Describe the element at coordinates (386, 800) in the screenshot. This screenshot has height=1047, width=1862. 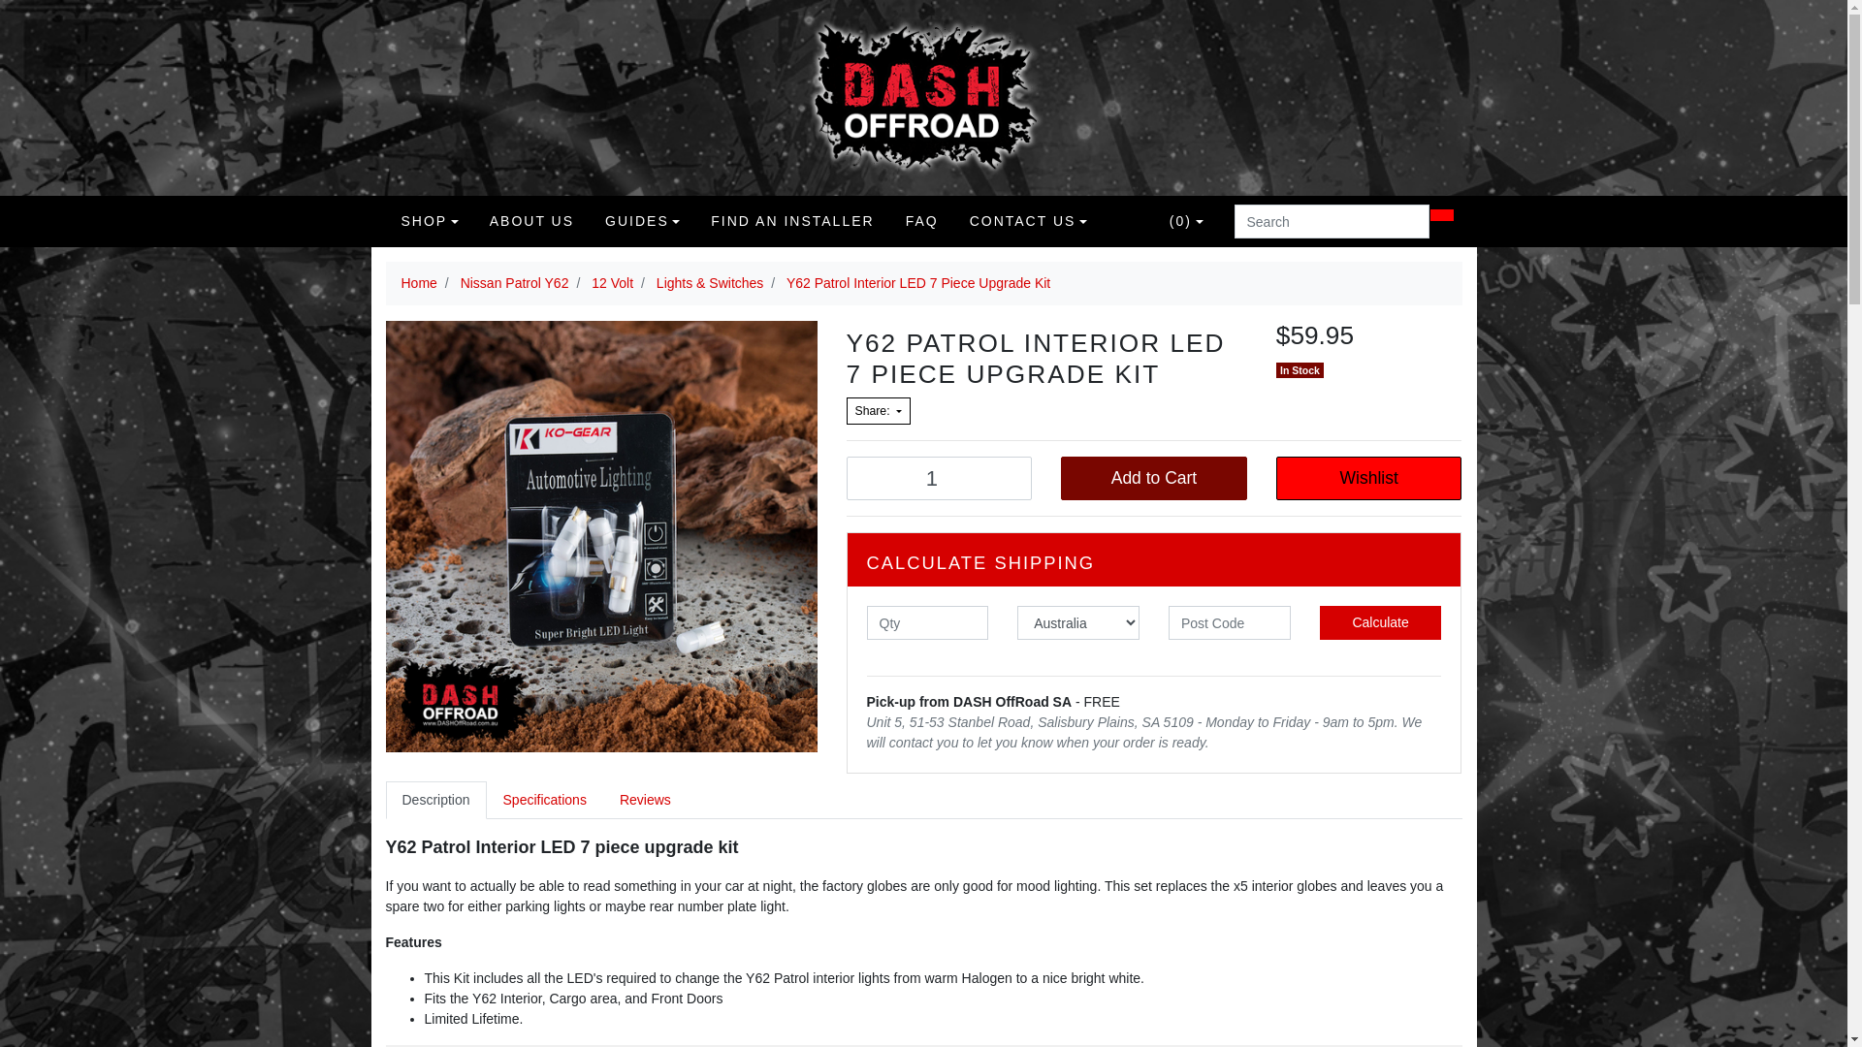
I see `'Description'` at that location.